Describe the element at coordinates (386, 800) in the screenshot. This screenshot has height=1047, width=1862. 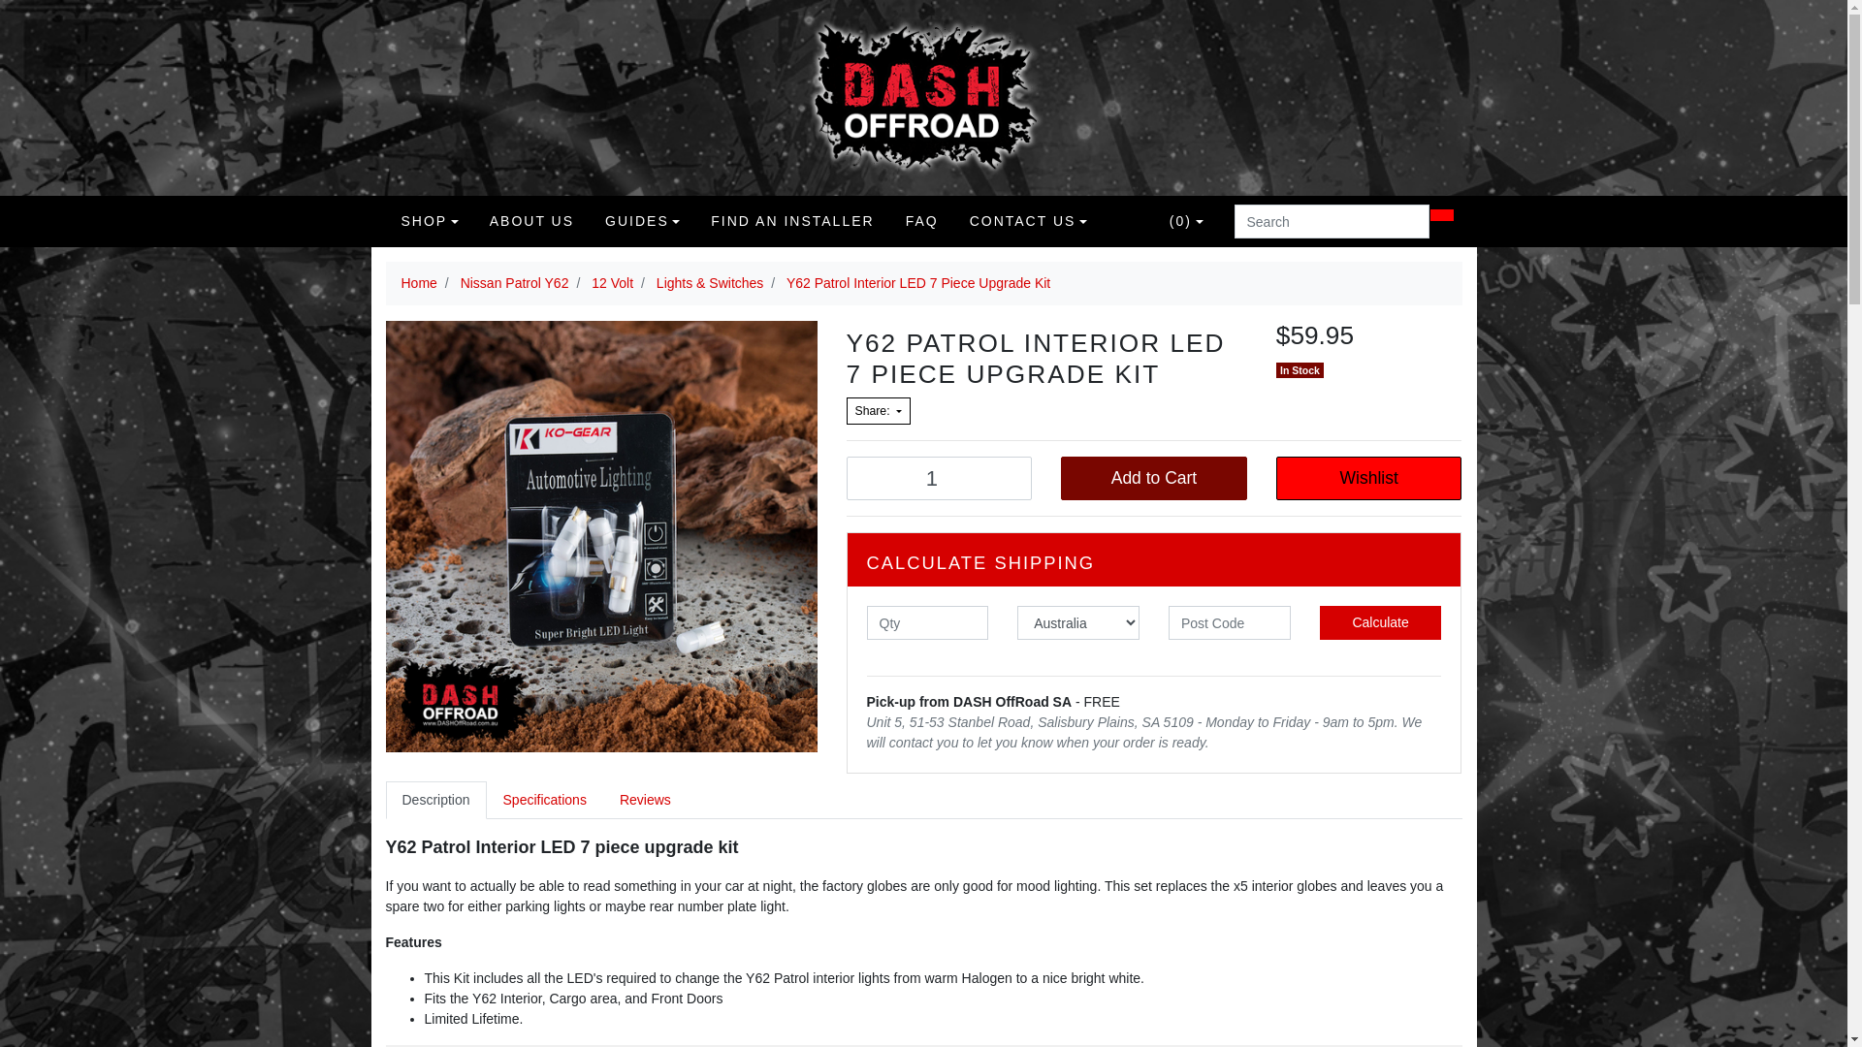
I see `'Description'` at that location.